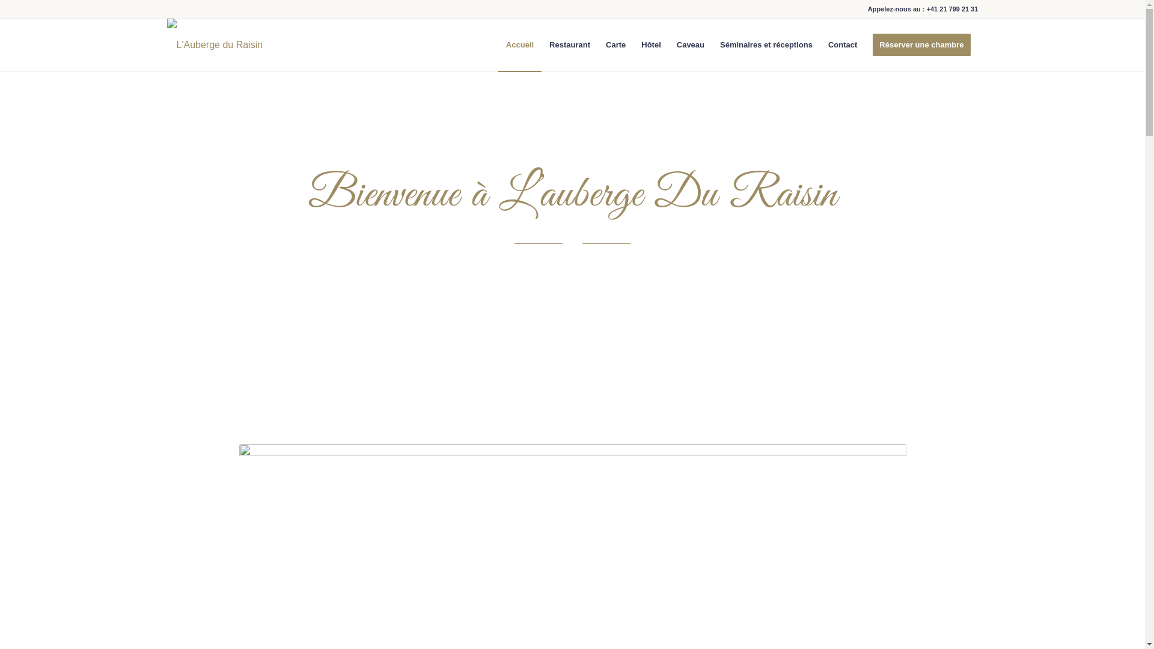 This screenshot has height=649, width=1154. What do you see at coordinates (569, 44) in the screenshot?
I see `'Restaurant'` at bounding box center [569, 44].